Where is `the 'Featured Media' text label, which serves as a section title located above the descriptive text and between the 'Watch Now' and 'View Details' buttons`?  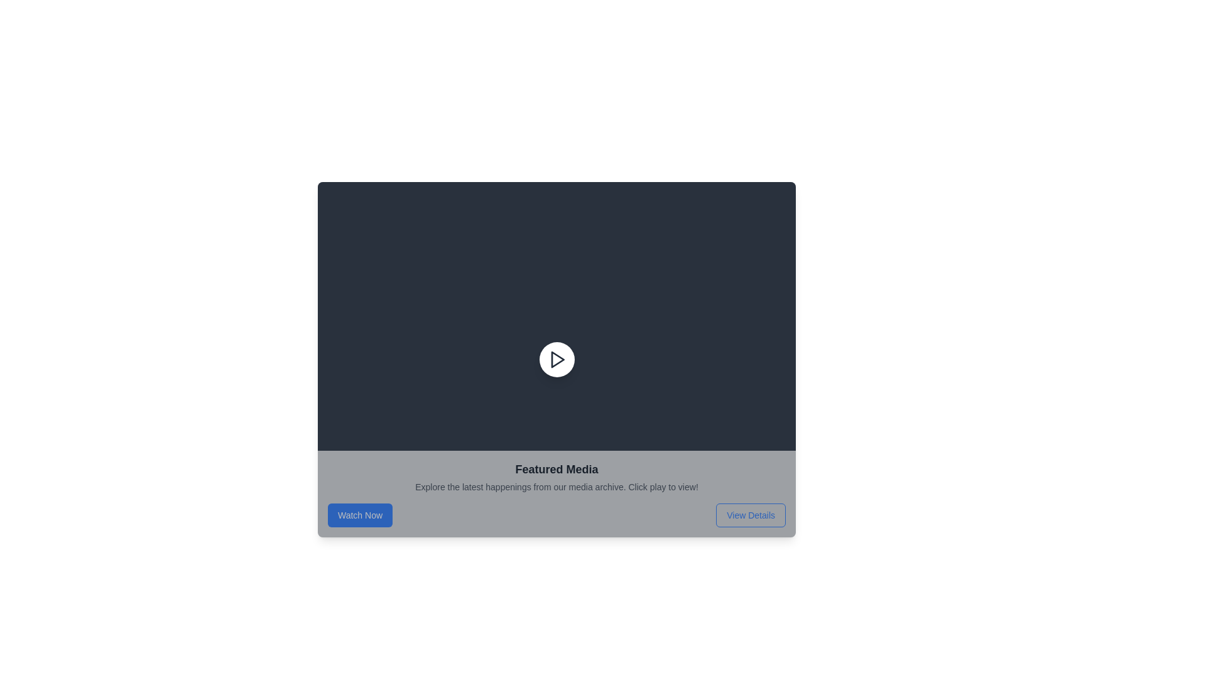 the 'Featured Media' text label, which serves as a section title located above the descriptive text and between the 'Watch Now' and 'View Details' buttons is located at coordinates (556, 470).